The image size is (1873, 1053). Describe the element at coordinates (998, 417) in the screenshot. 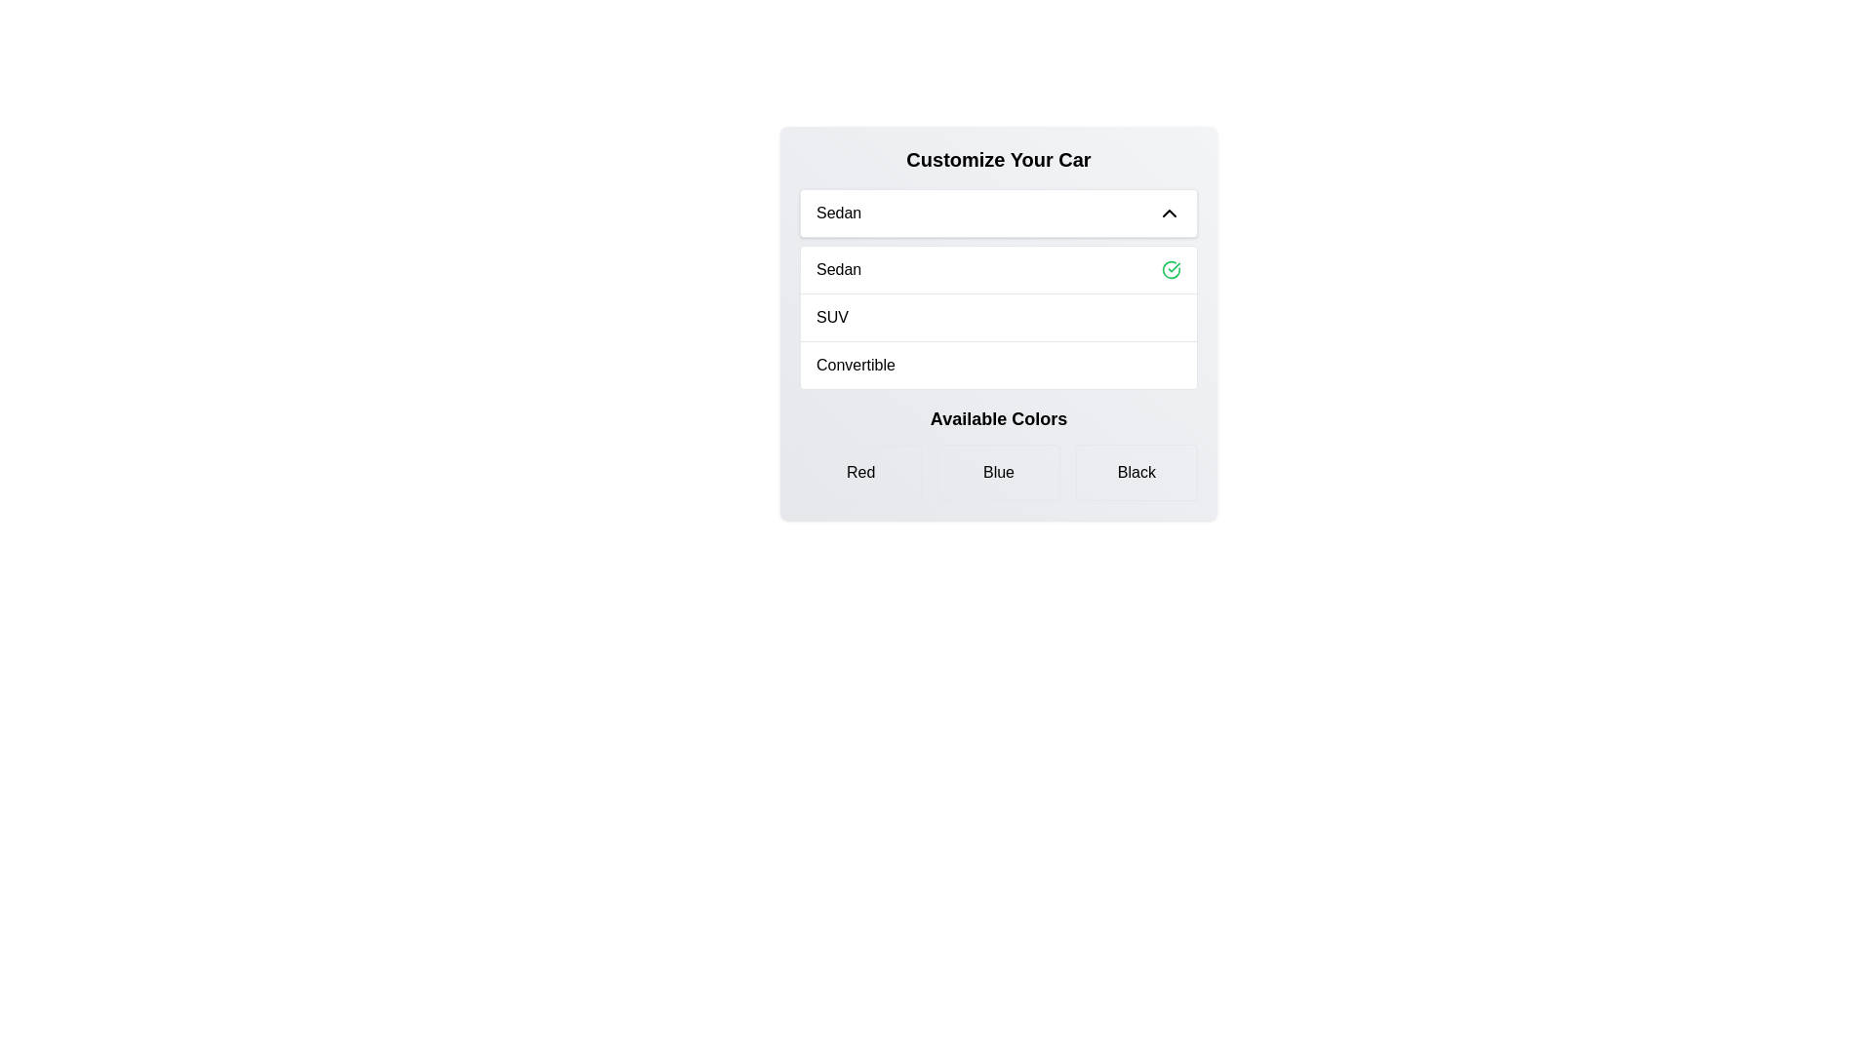

I see `the Text label (header) that introduces the car color selection section, located directly above the color options` at that location.